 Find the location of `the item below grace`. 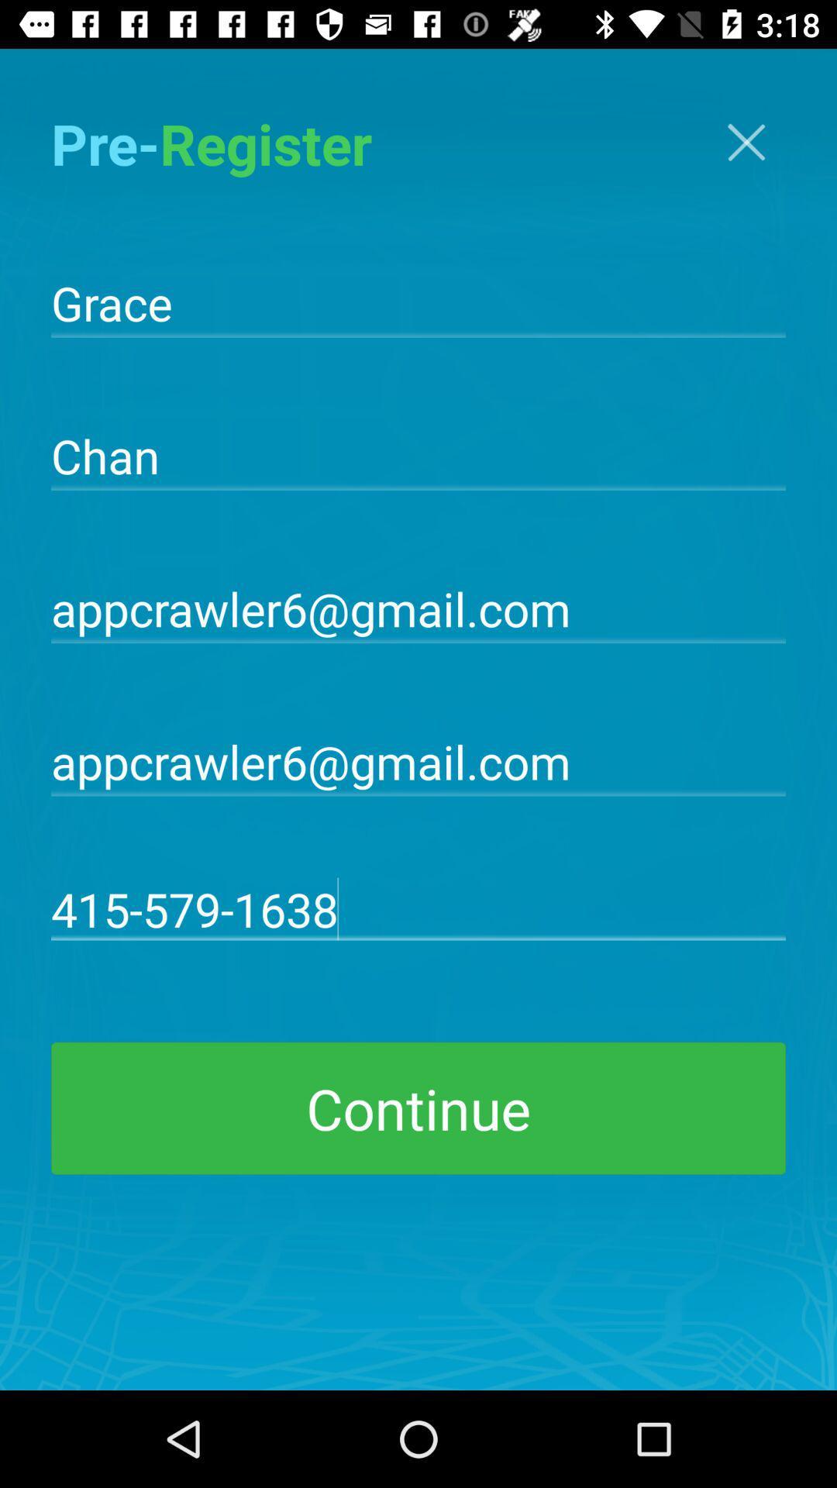

the item below grace is located at coordinates (418, 453).